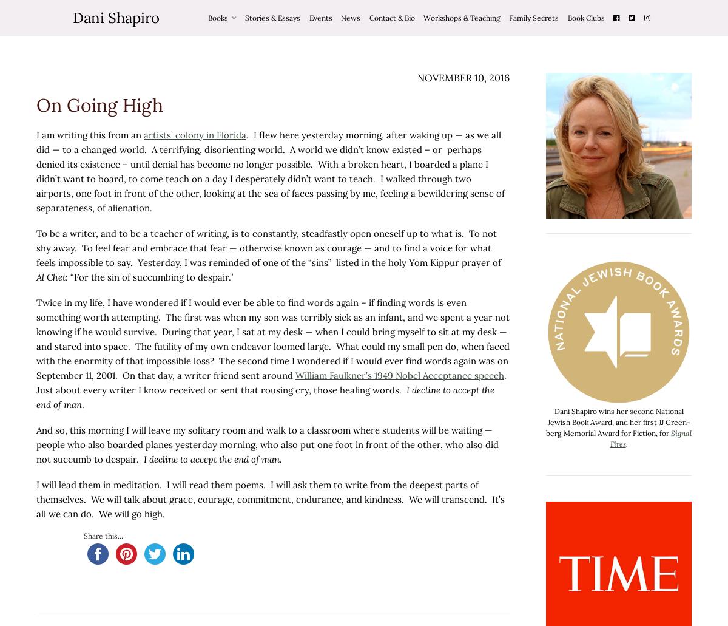 The width and height of the screenshot is (728, 626). Describe the element at coordinates (615, 417) in the screenshot. I see `'Dani Shapiro wins her sec­ond Nation­al Jew­ish Book Award, and her first'` at that location.